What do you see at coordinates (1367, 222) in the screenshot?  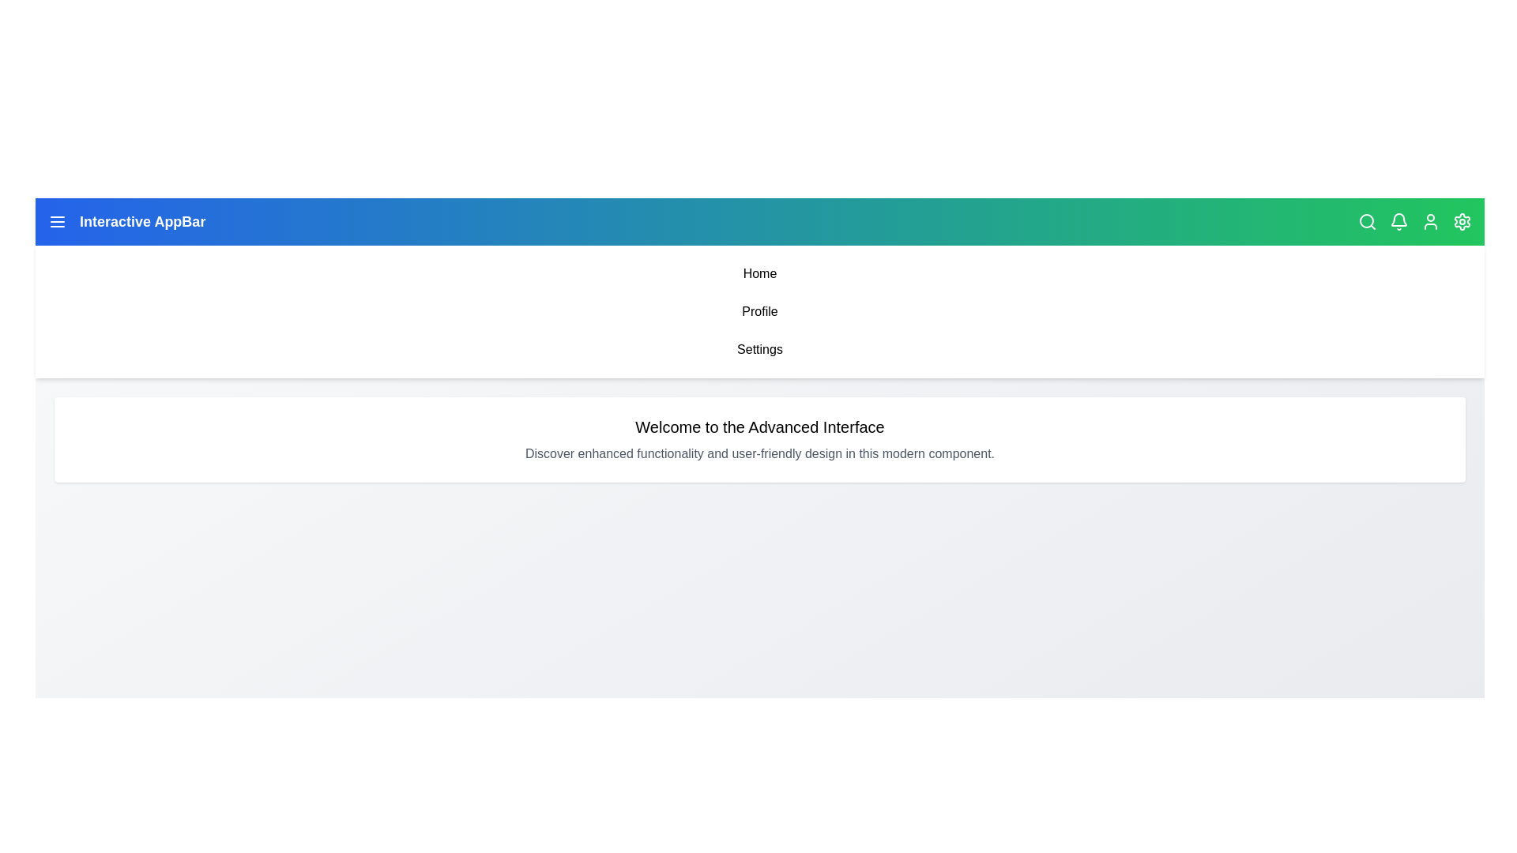 I see `the search icon to initiate the search action` at bounding box center [1367, 222].